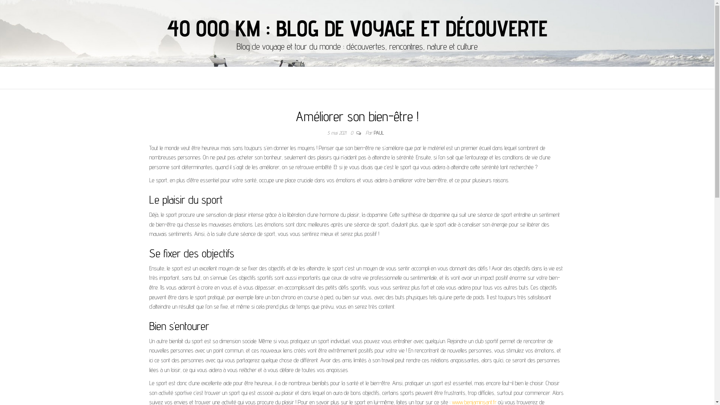  What do you see at coordinates (353, 132) in the screenshot?
I see `'0'` at bounding box center [353, 132].